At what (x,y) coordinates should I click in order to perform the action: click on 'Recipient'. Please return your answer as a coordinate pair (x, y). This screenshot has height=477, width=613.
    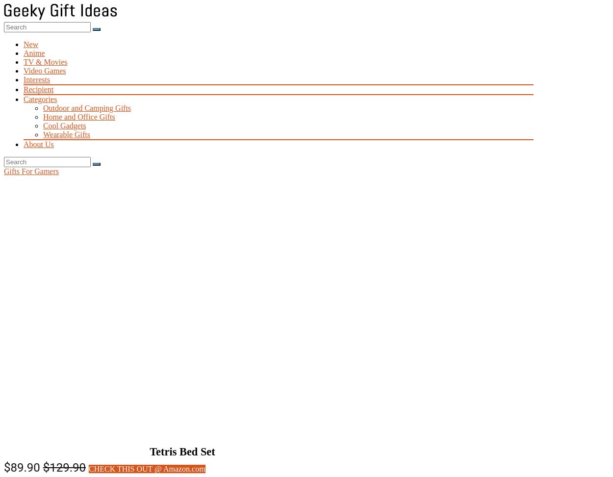
    Looking at the image, I should click on (38, 89).